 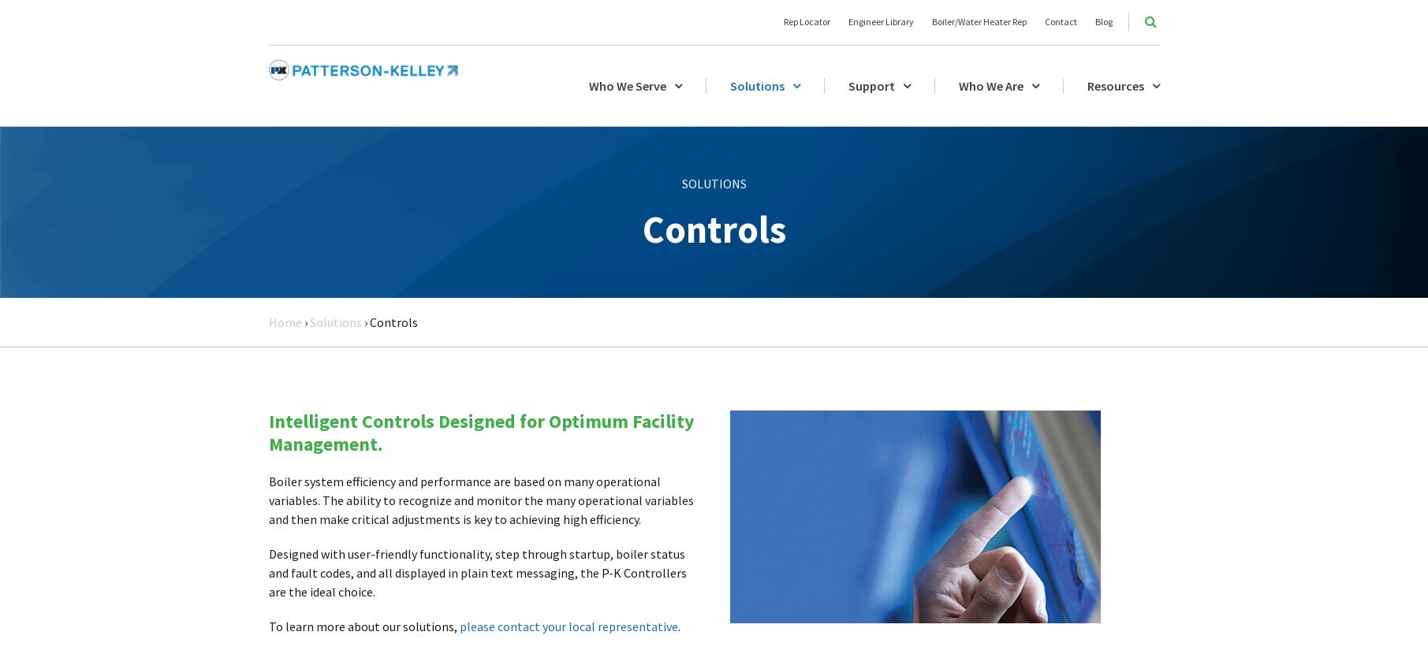 I want to click on 'Engineer Library', so click(x=879, y=20).